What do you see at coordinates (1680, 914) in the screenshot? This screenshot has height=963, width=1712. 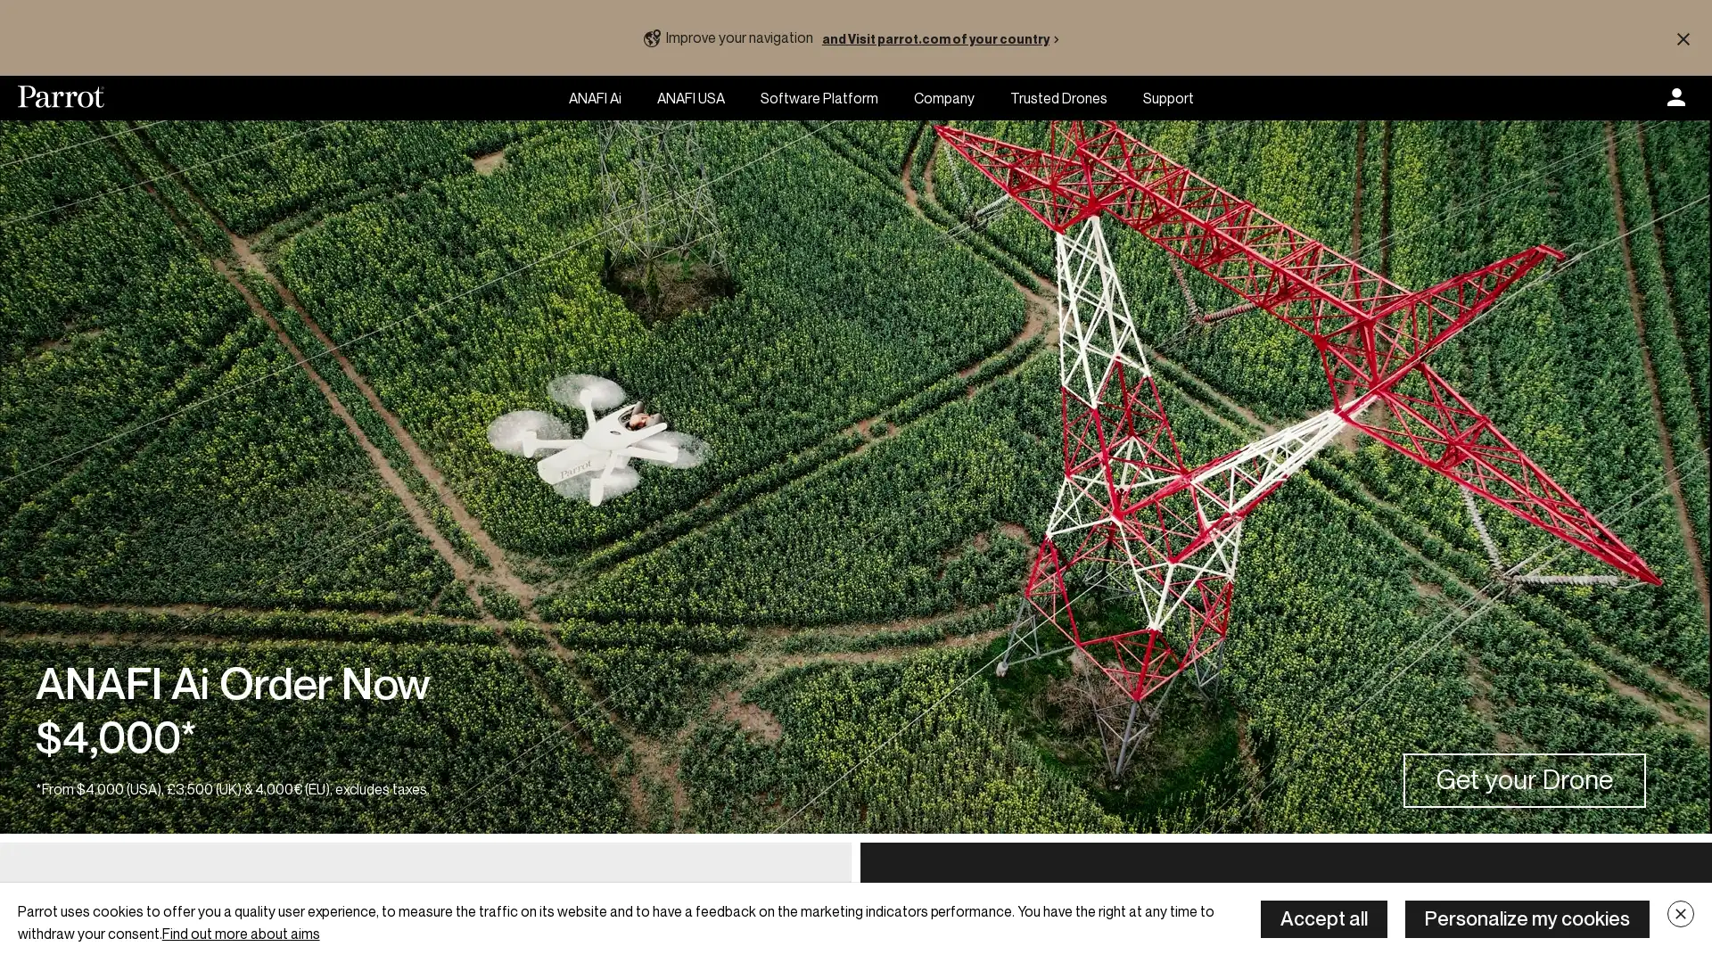 I see `close` at bounding box center [1680, 914].